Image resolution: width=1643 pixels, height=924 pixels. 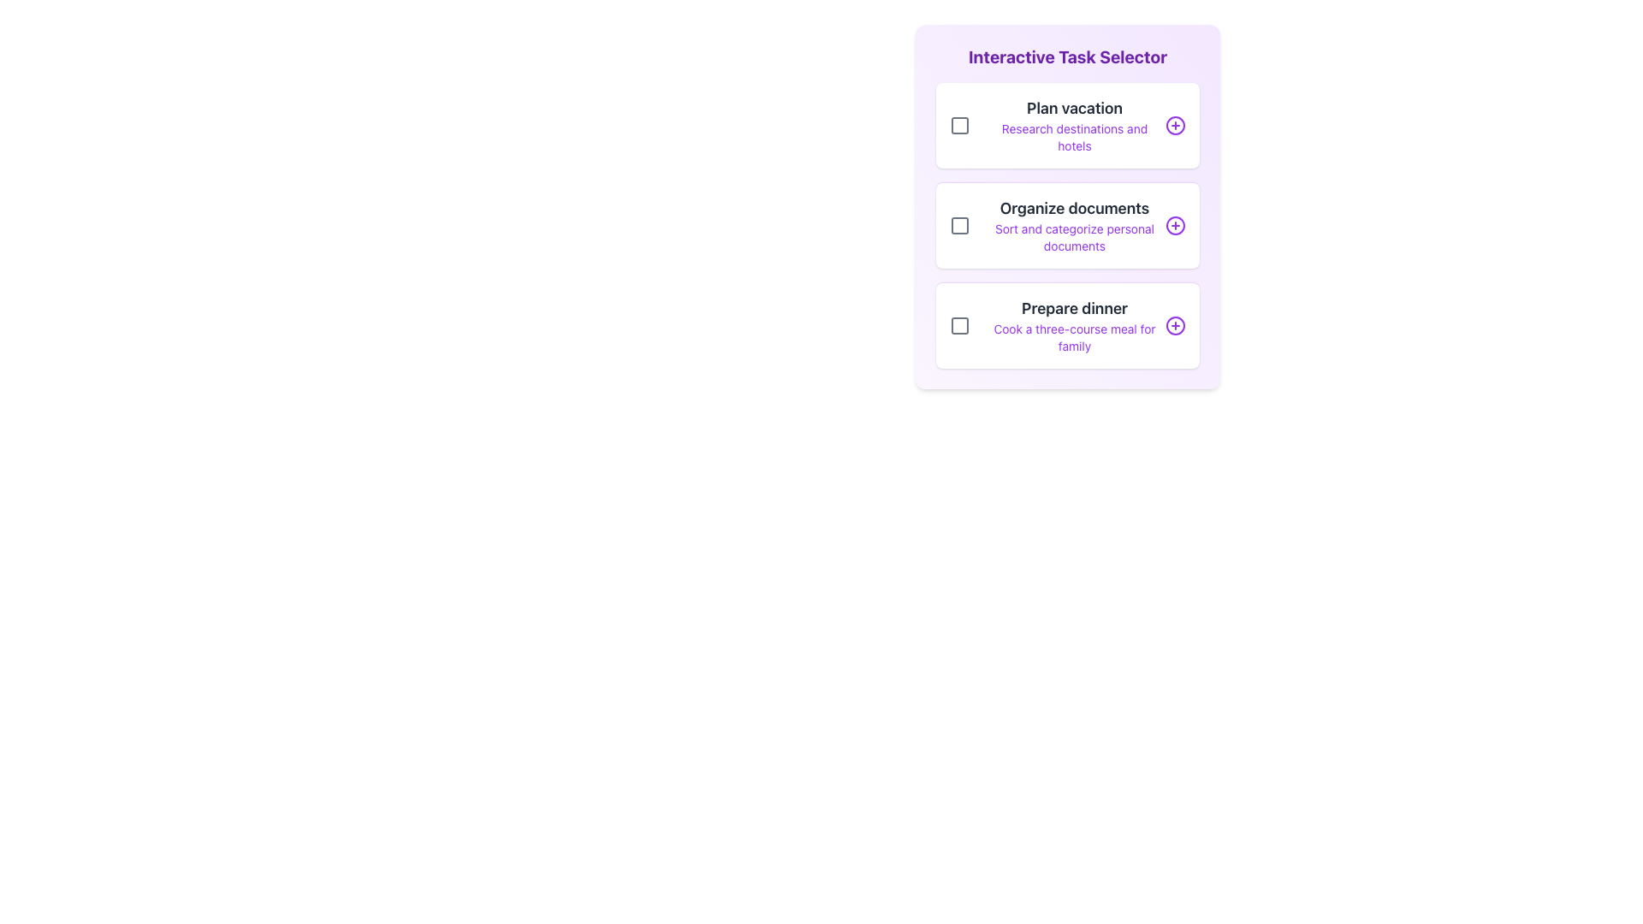 What do you see at coordinates (1074, 137) in the screenshot?
I see `the Text Label that provides additional information related to the 'Plan vacation' task, which is positioned directly below the 'Plan vacation' text within the first task card` at bounding box center [1074, 137].